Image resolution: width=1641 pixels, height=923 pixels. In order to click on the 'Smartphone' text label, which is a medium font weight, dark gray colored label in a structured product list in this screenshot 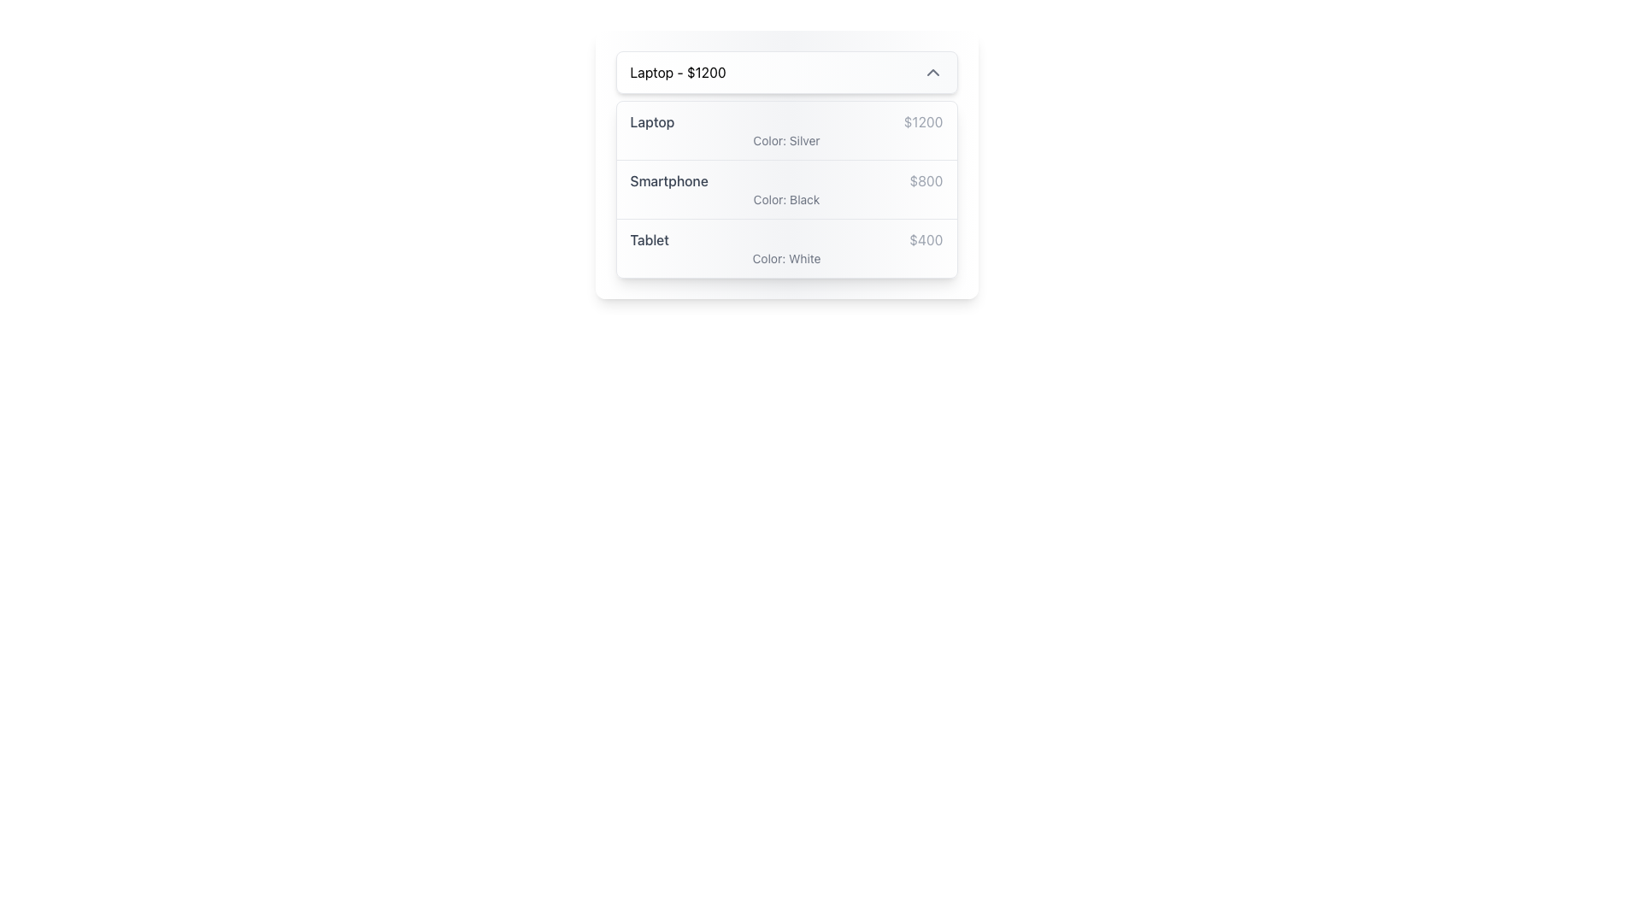, I will do `click(668, 181)`.